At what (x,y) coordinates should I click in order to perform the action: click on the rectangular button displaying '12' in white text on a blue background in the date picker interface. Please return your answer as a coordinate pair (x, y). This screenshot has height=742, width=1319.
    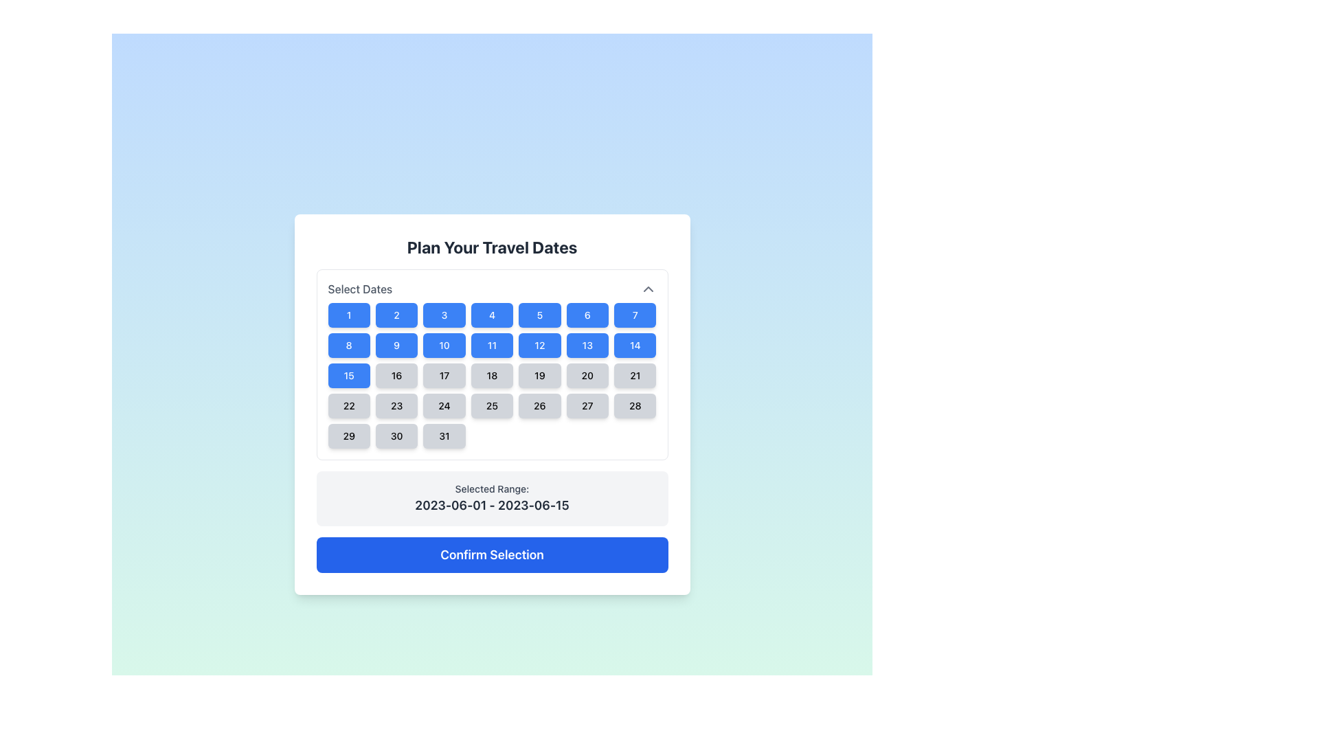
    Looking at the image, I should click on (539, 344).